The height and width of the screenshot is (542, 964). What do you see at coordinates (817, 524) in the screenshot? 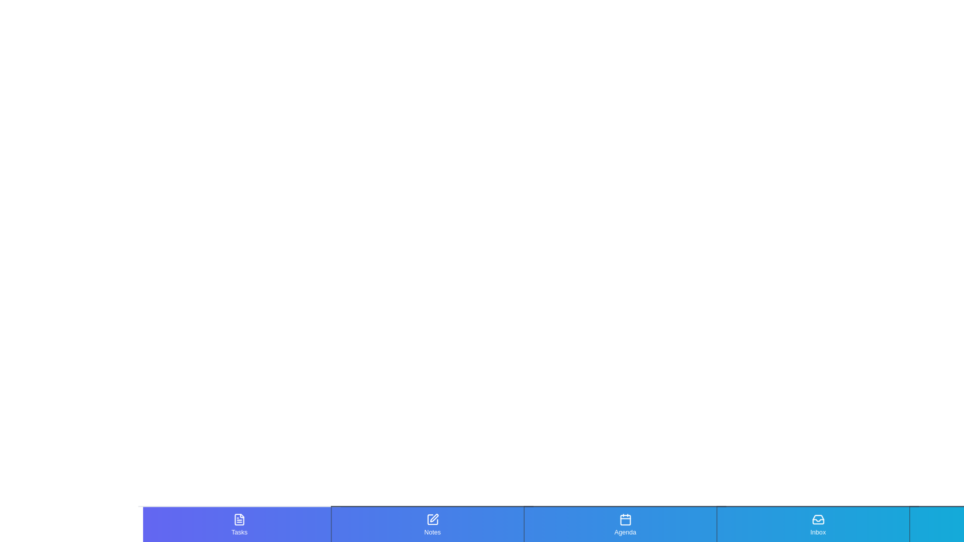
I see `the tab corresponding to Inbox by clicking on it` at bounding box center [817, 524].